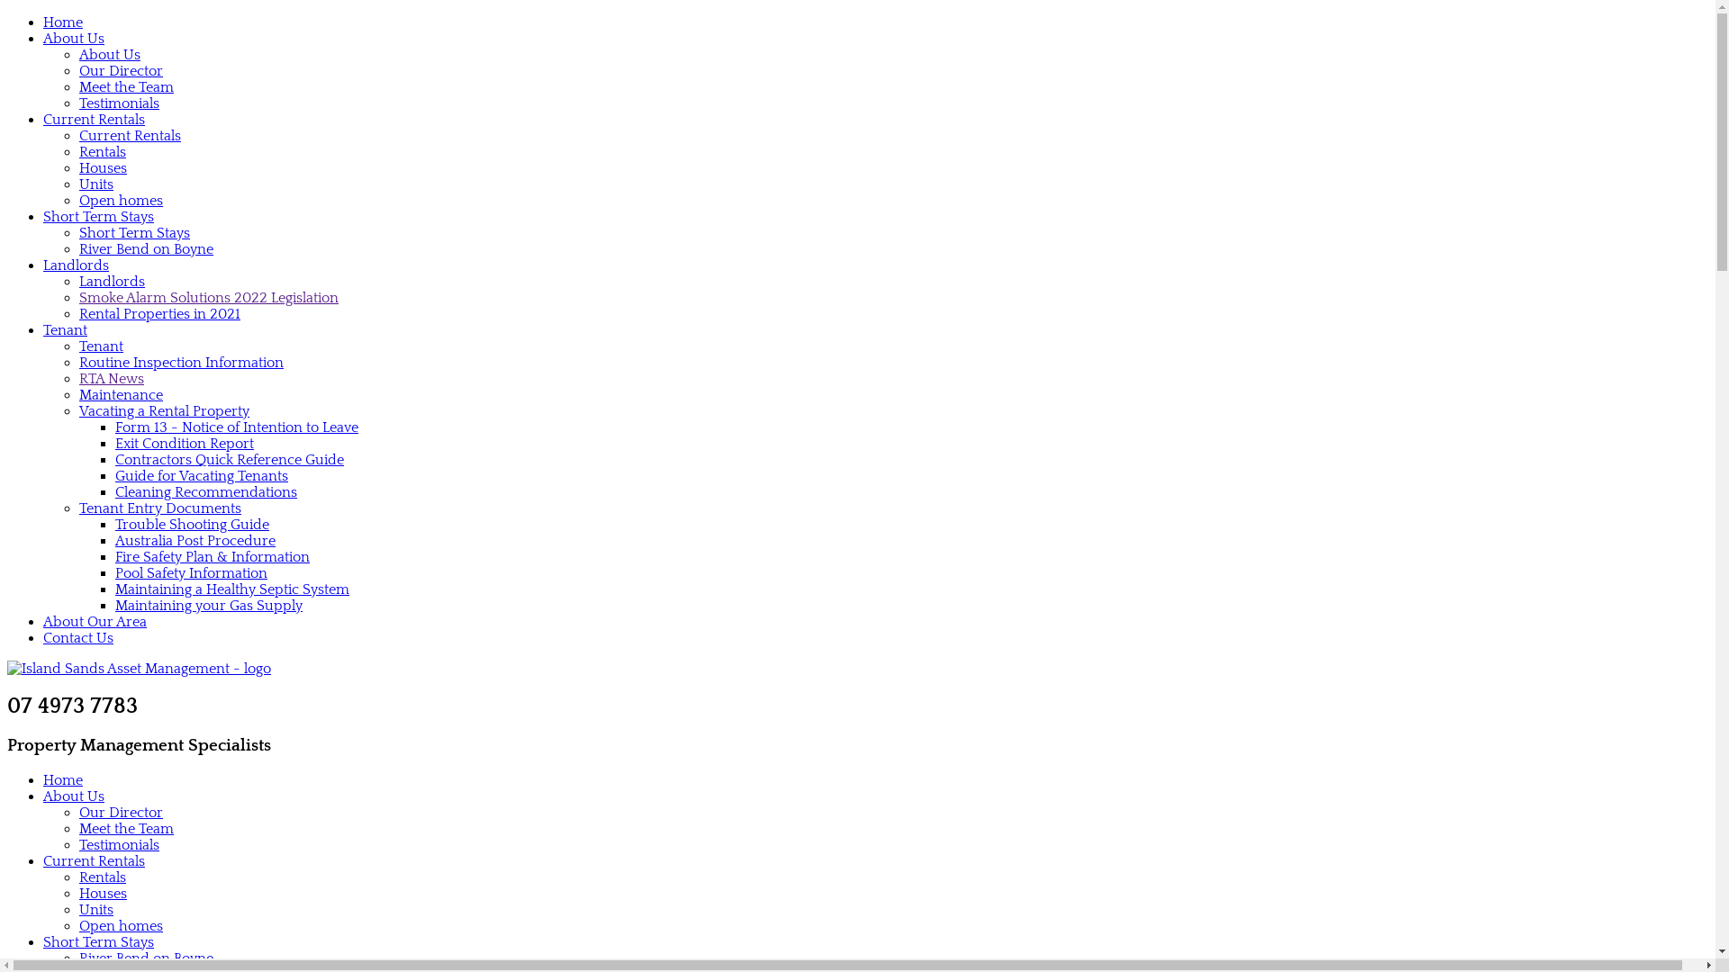 This screenshot has height=972, width=1729. What do you see at coordinates (146, 249) in the screenshot?
I see `'River Bend on Boyne'` at bounding box center [146, 249].